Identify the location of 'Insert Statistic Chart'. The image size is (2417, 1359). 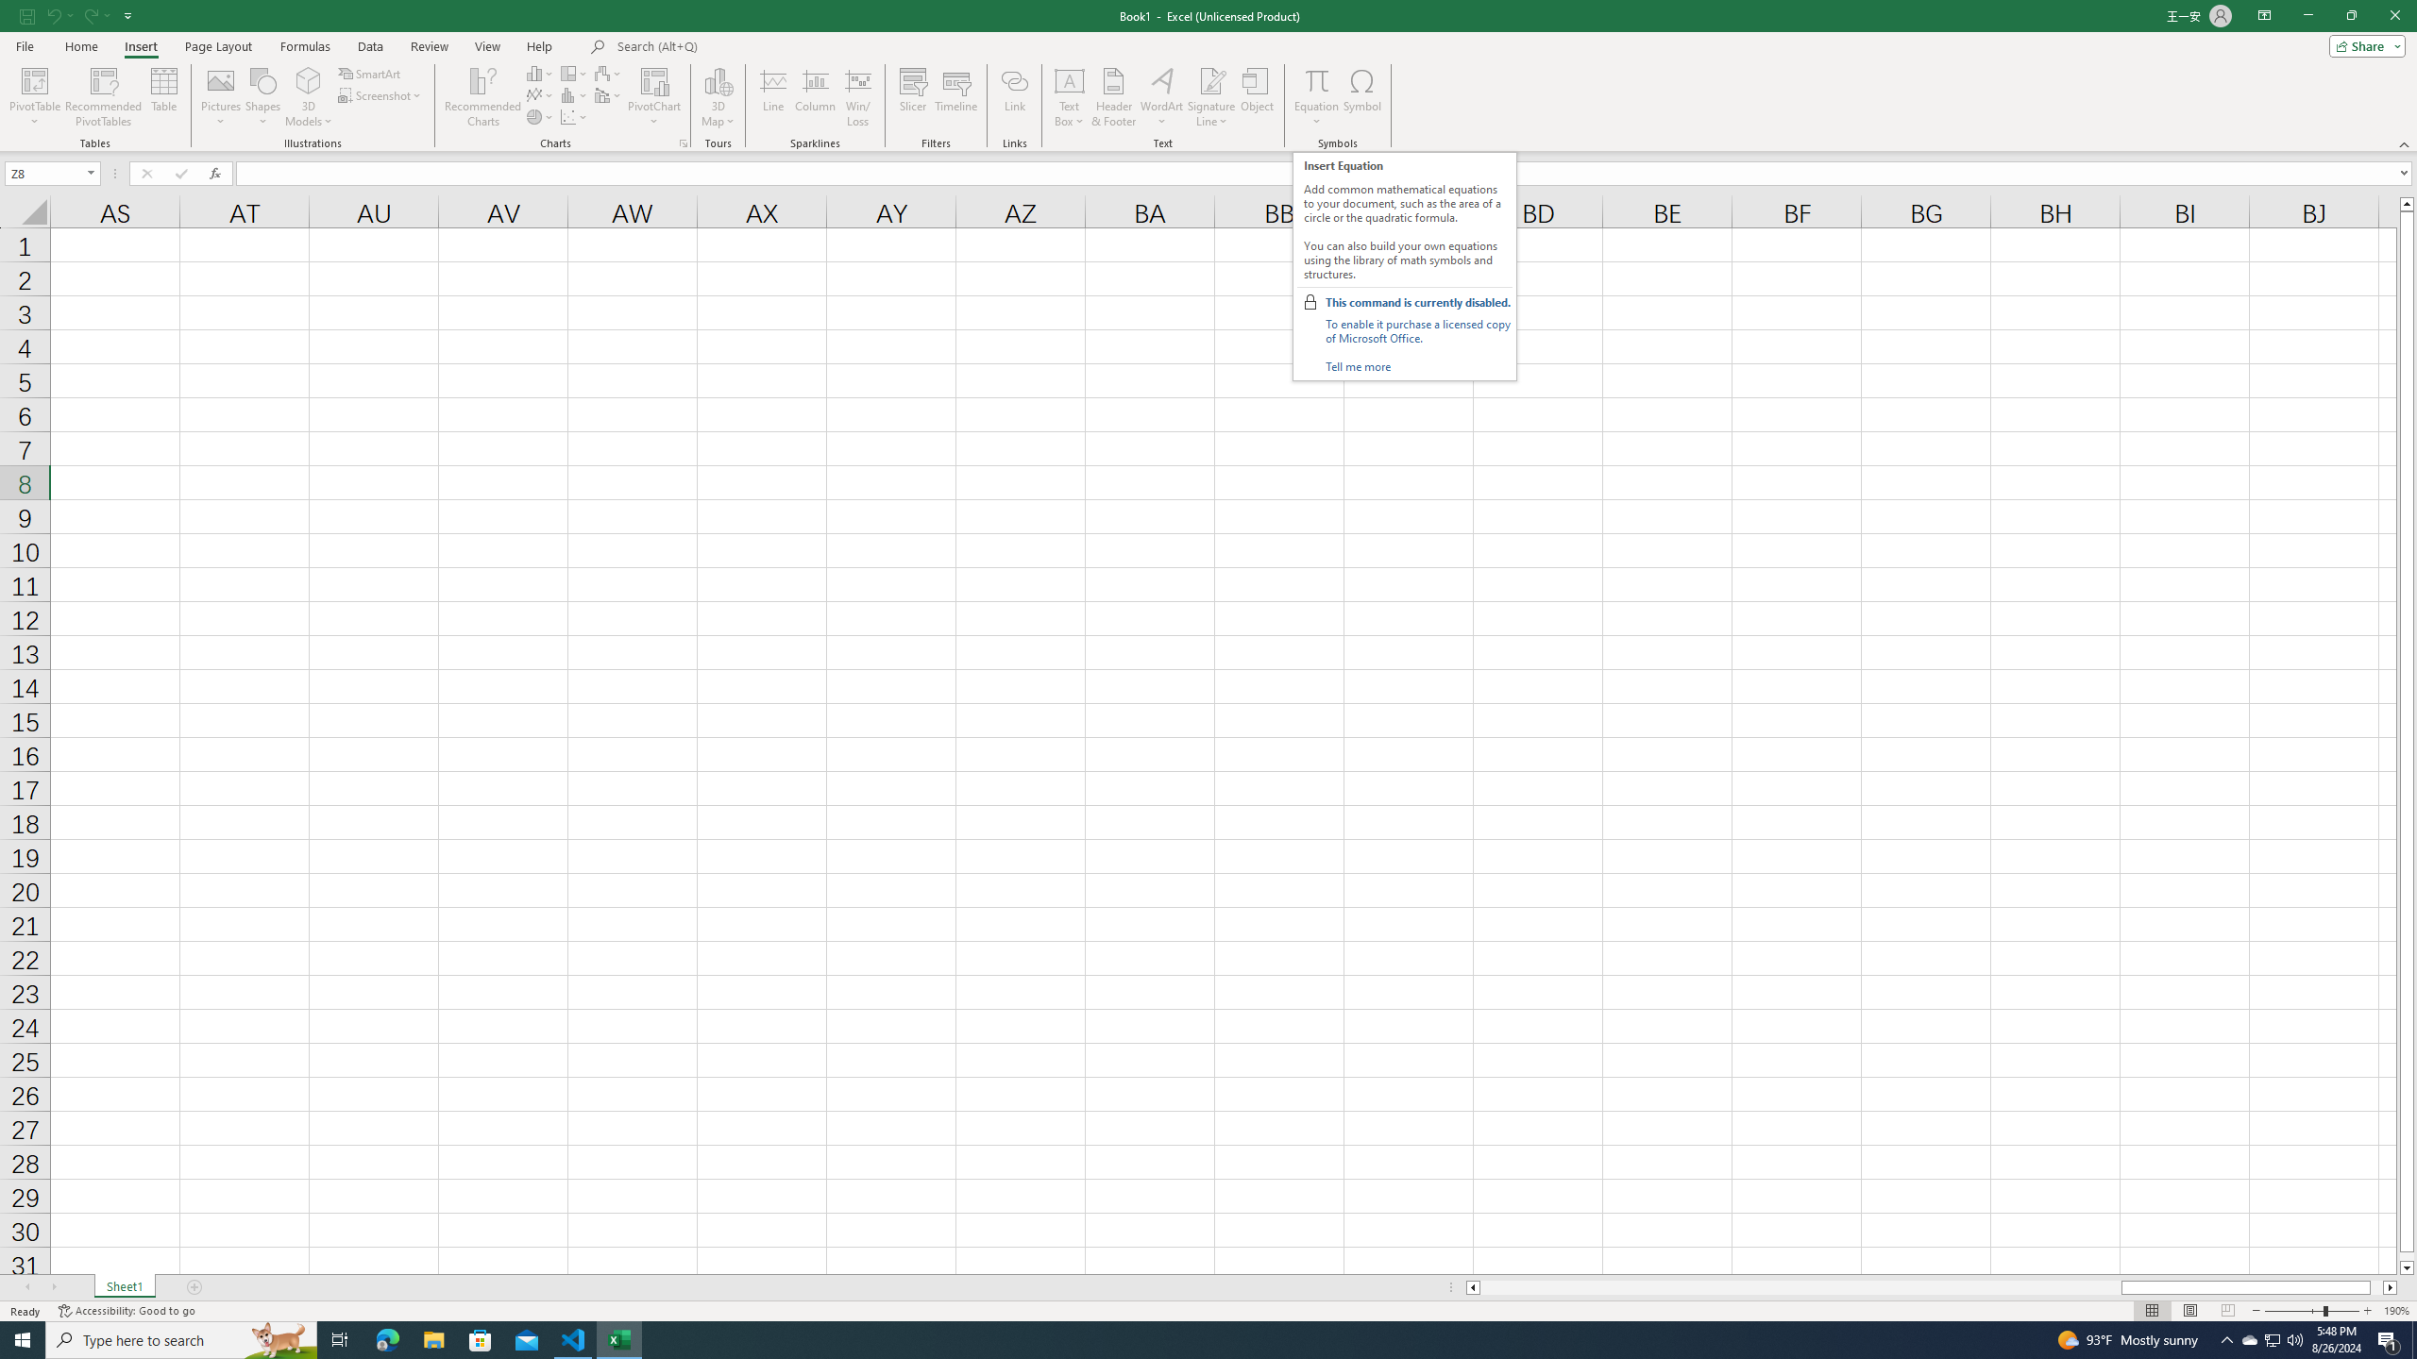
(574, 93).